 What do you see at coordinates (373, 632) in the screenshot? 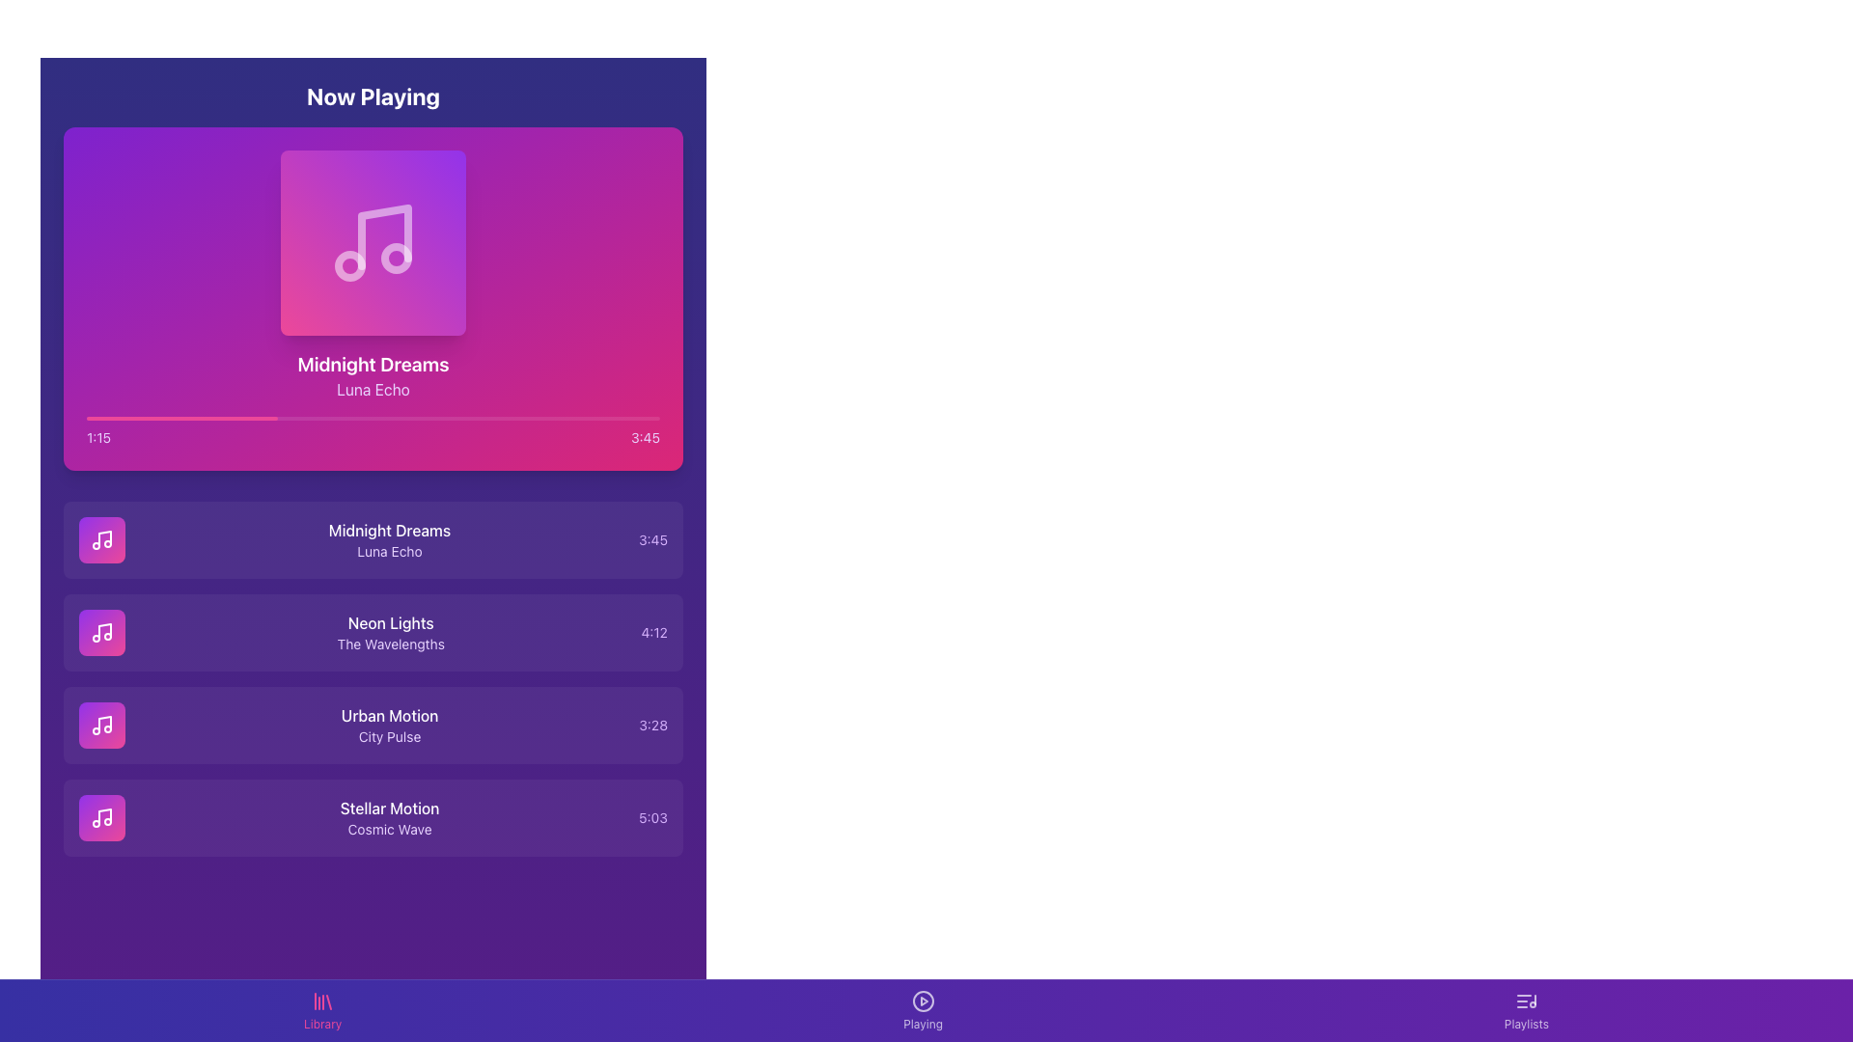
I see `the playlist item for 'Neon Lights' by 'The Wavelengths'` at bounding box center [373, 632].